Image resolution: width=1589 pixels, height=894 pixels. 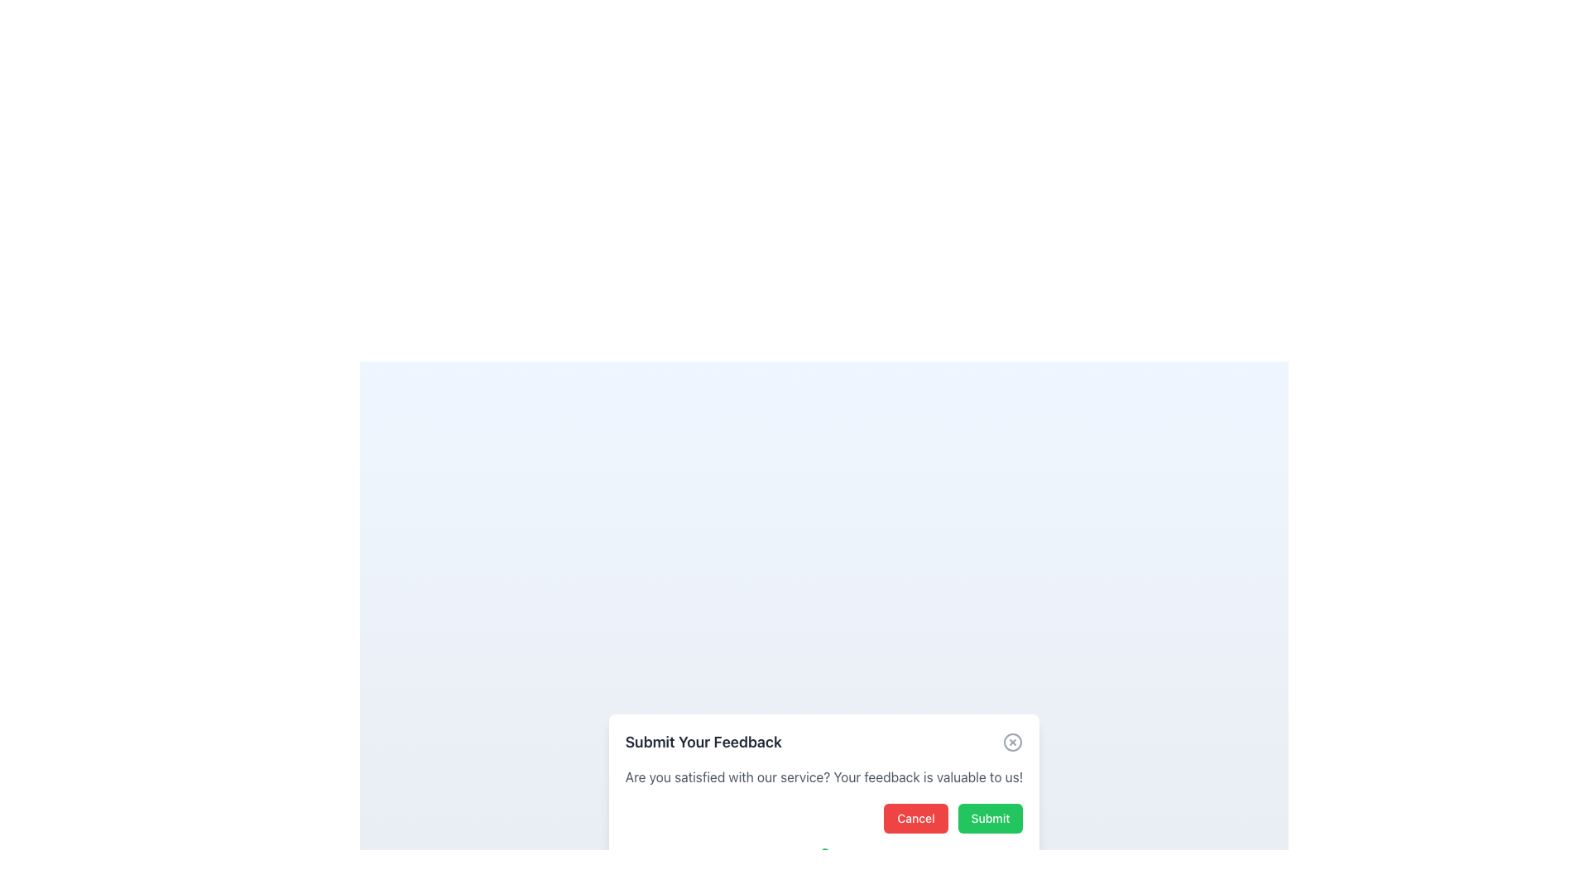 What do you see at coordinates (1012, 742) in the screenshot?
I see `the Circle shape in the SVG graphic located at the top-right corner of the 'Submit Your Feedback' modal, which functions as a close button` at bounding box center [1012, 742].